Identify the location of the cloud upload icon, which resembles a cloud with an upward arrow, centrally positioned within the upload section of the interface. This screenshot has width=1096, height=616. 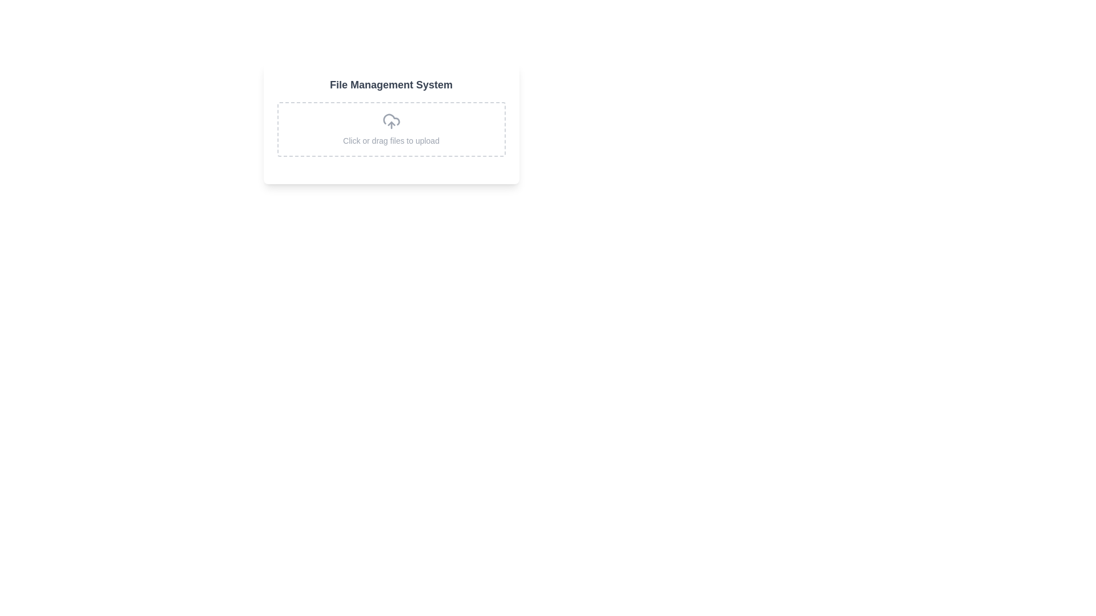
(391, 121).